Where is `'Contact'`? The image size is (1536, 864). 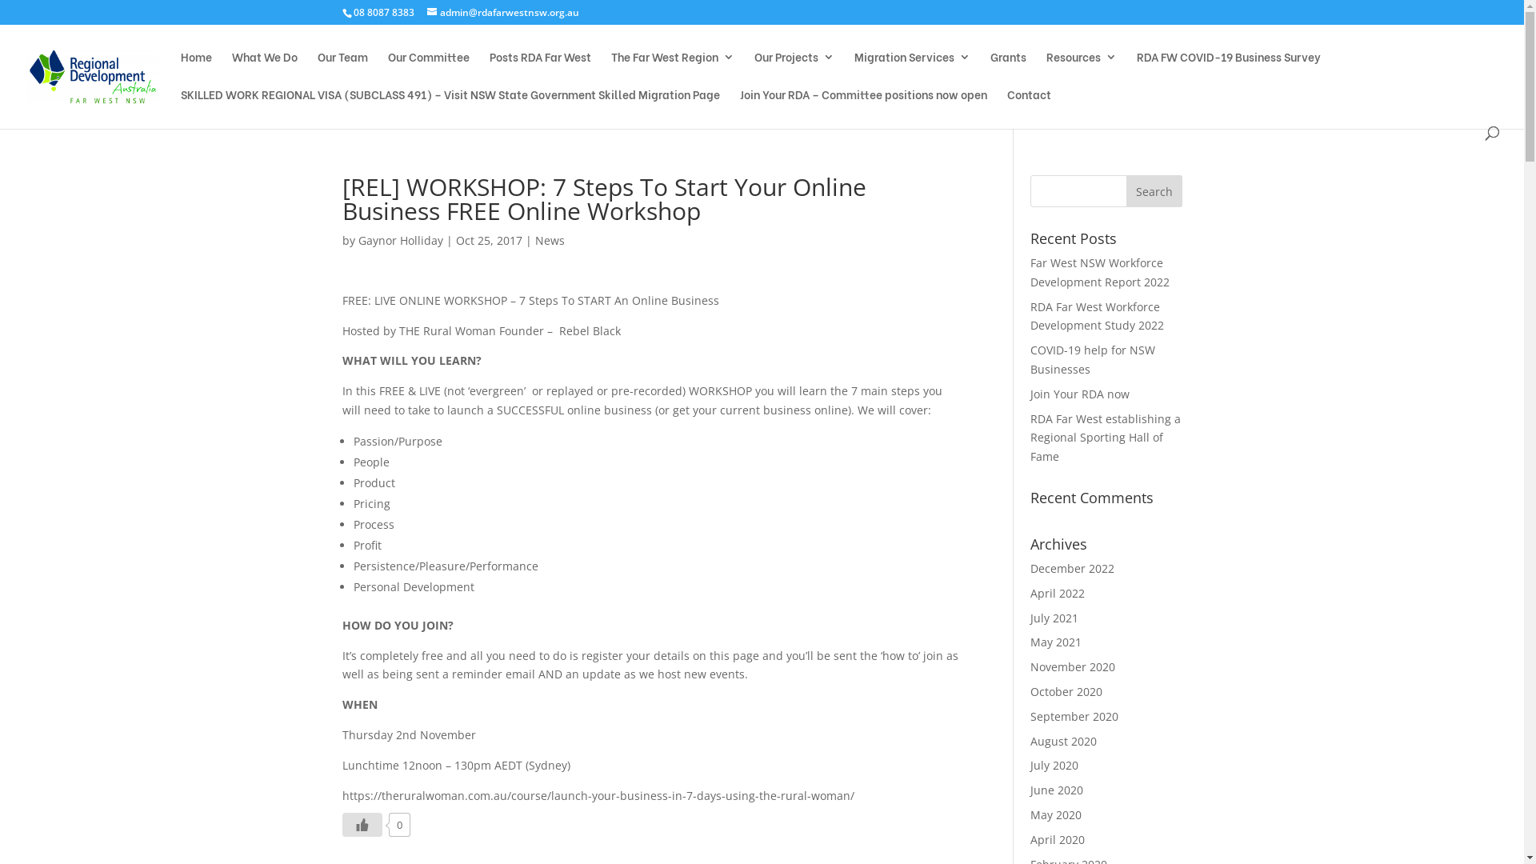
'Contact' is located at coordinates (1029, 107).